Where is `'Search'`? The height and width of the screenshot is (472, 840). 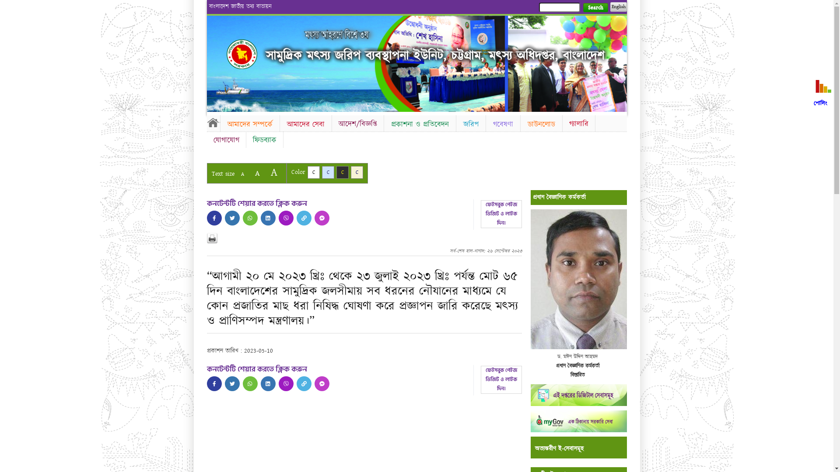
'Search' is located at coordinates (595, 7).